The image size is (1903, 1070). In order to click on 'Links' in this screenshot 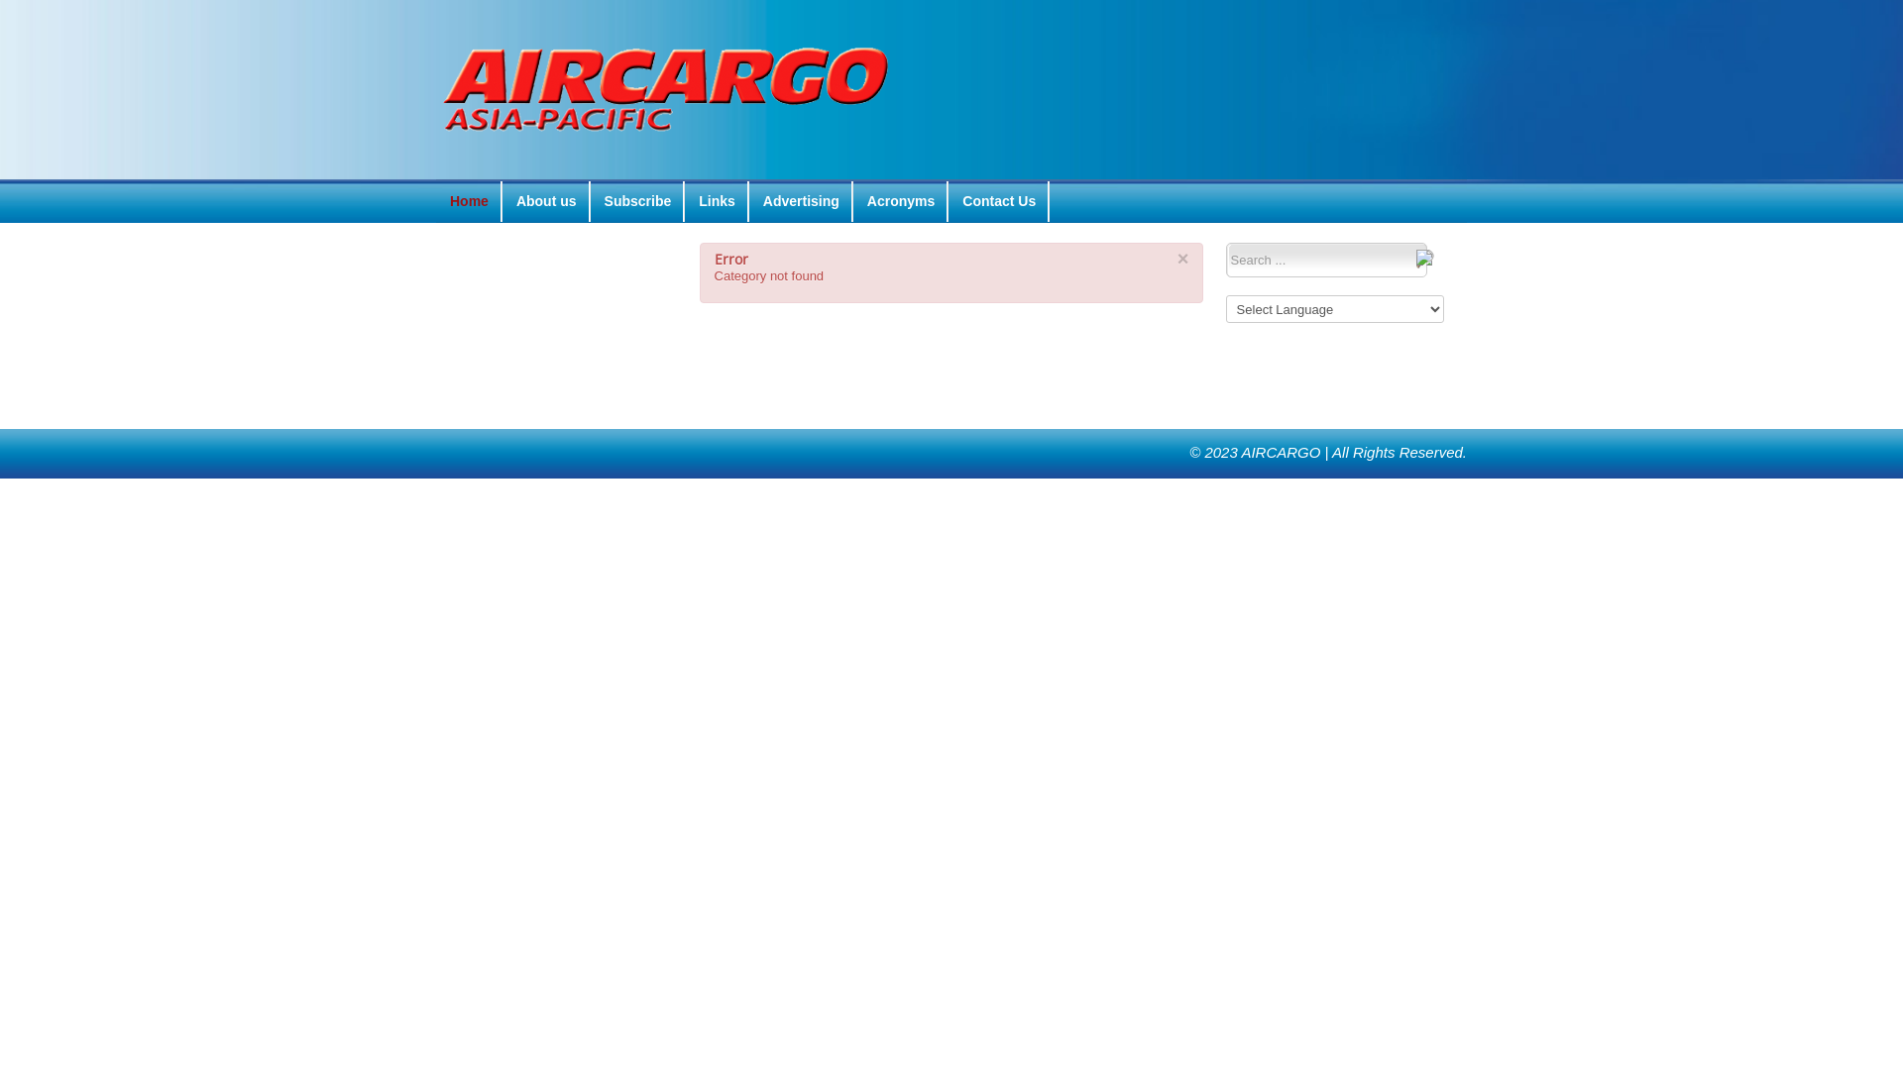, I will do `click(685, 201)`.